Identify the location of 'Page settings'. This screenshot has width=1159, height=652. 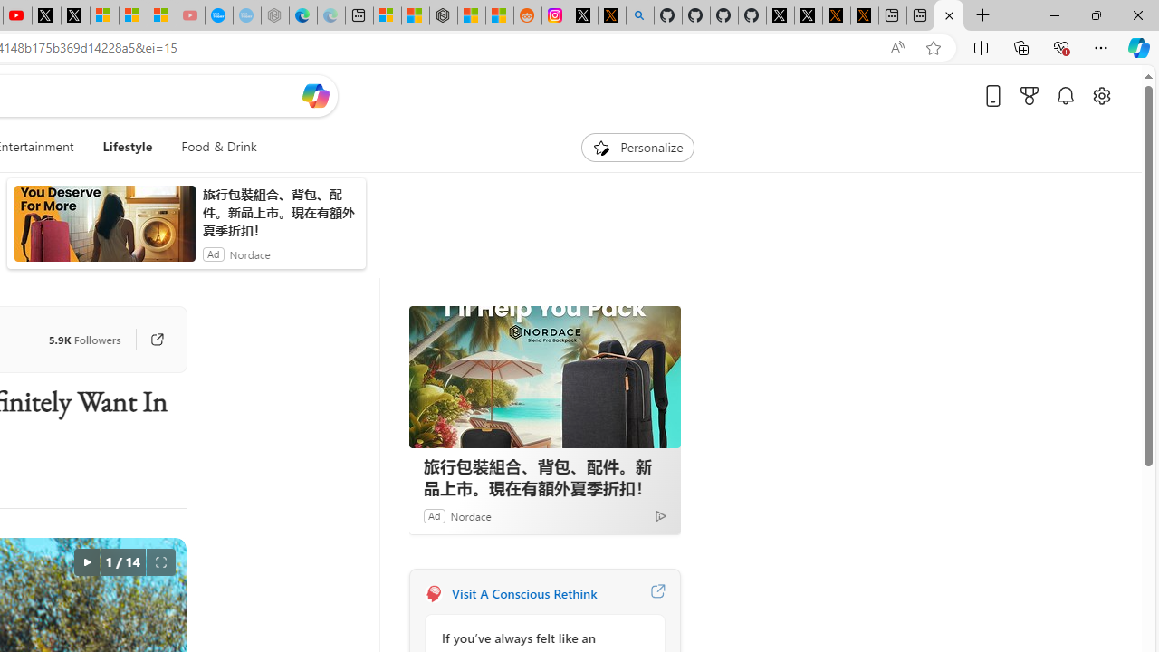
(1100, 124).